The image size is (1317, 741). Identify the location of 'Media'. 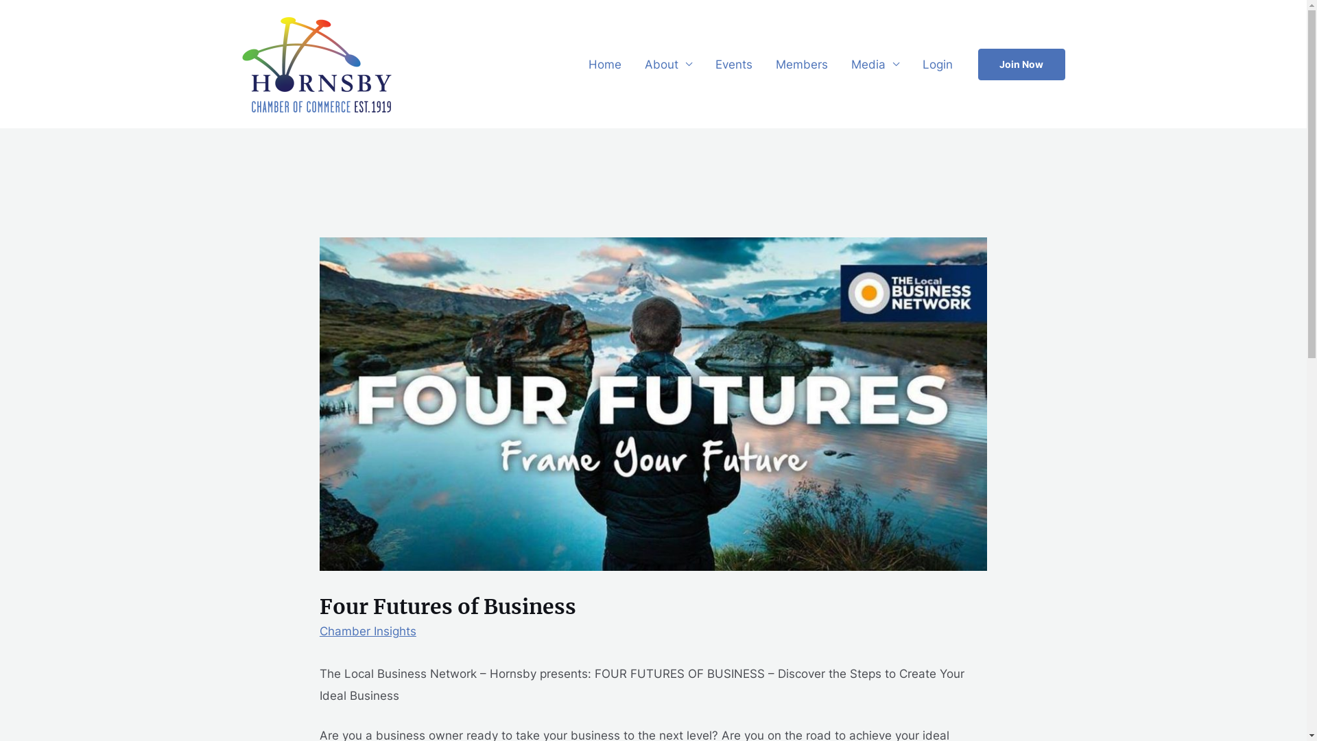
(875, 63).